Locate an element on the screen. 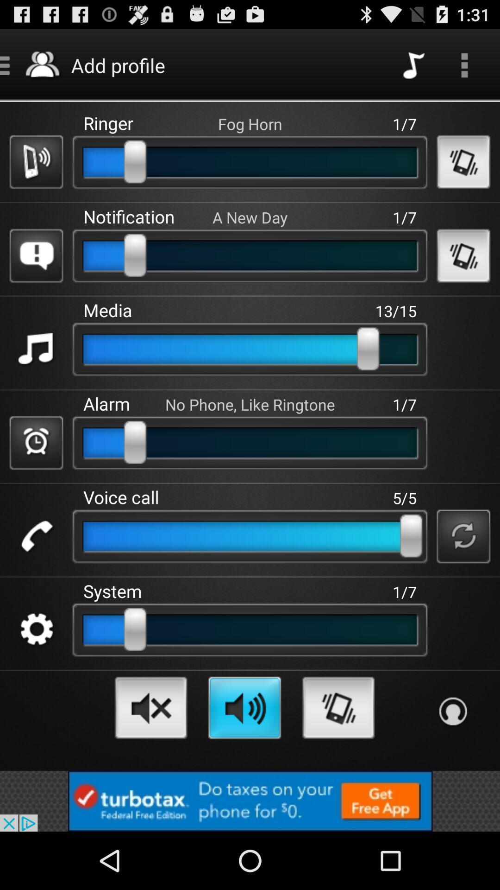 This screenshot has width=500, height=890. vibration on or off is located at coordinates (463, 162).